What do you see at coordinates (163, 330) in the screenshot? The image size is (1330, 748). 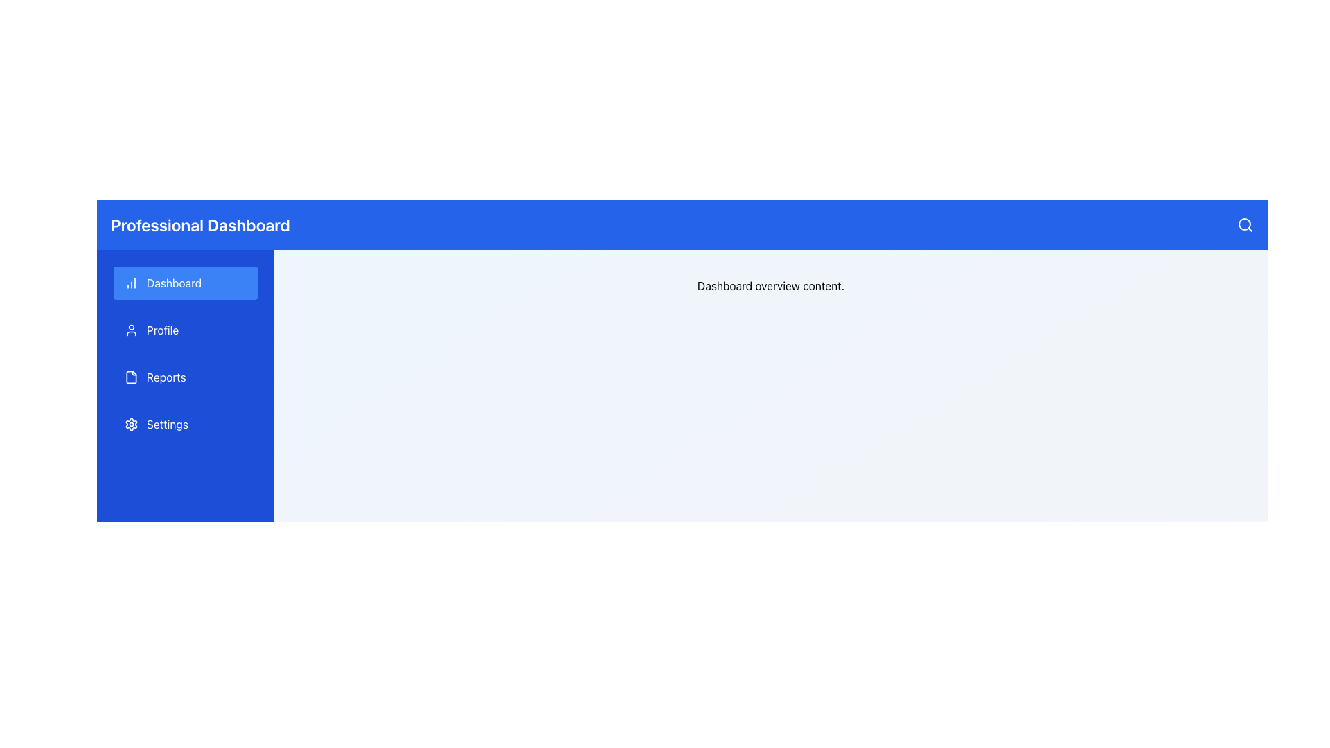 I see `the 'Profile' label in the navigation menu, which is positioned to the right of the icon within a sidebar under the 'Dashboard' menu` at bounding box center [163, 330].